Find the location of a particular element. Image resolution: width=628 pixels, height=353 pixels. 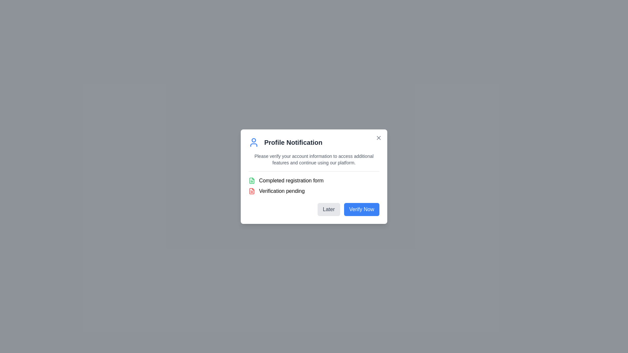

the user-profile icon represented in a clean, minimalistic SVG style, located next to the 'Profile Notification' text is located at coordinates (253, 142).